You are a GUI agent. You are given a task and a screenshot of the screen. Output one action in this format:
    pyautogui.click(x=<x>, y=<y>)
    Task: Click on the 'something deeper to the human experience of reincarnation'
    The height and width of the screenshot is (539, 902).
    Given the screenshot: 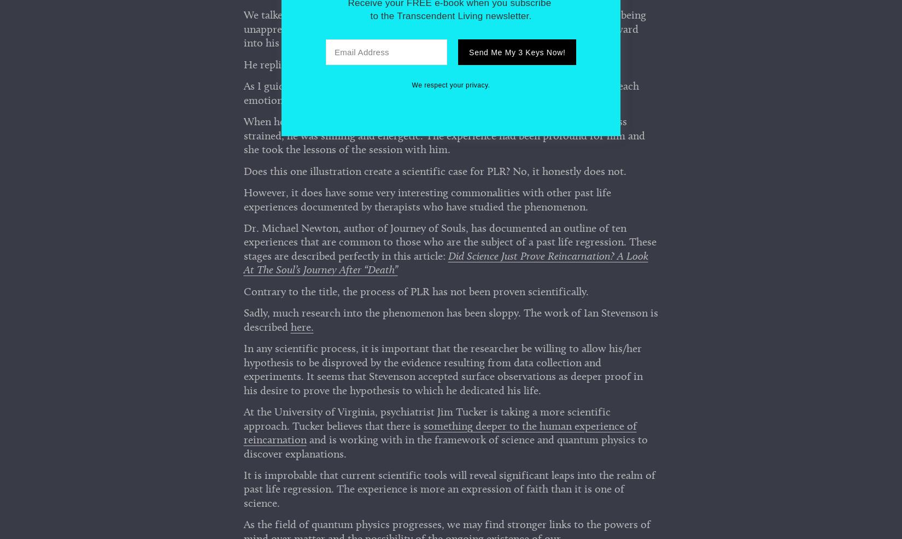 What is the action you would take?
    pyautogui.click(x=439, y=436)
    